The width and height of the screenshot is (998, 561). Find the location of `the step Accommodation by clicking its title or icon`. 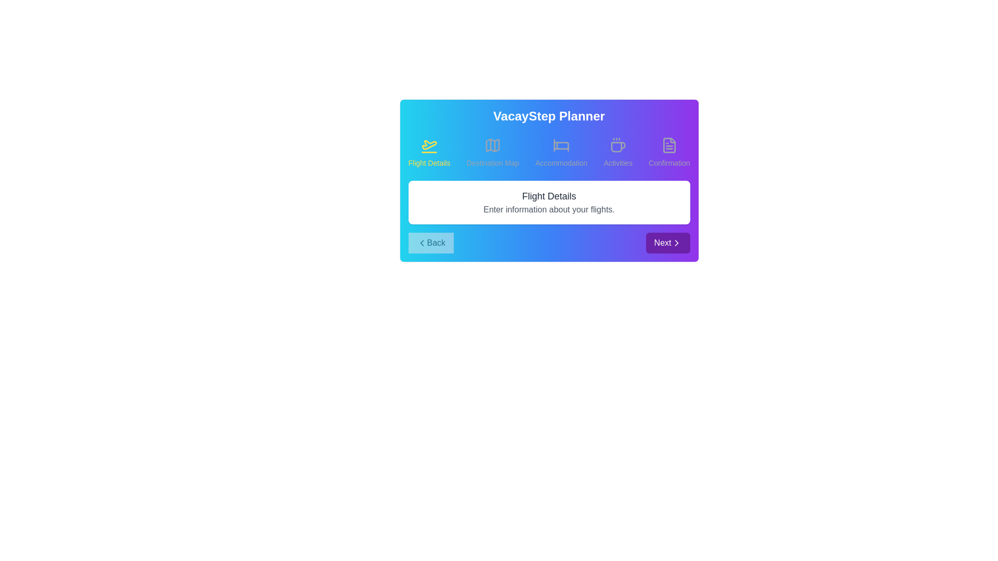

the step Accommodation by clicking its title or icon is located at coordinates (561, 152).